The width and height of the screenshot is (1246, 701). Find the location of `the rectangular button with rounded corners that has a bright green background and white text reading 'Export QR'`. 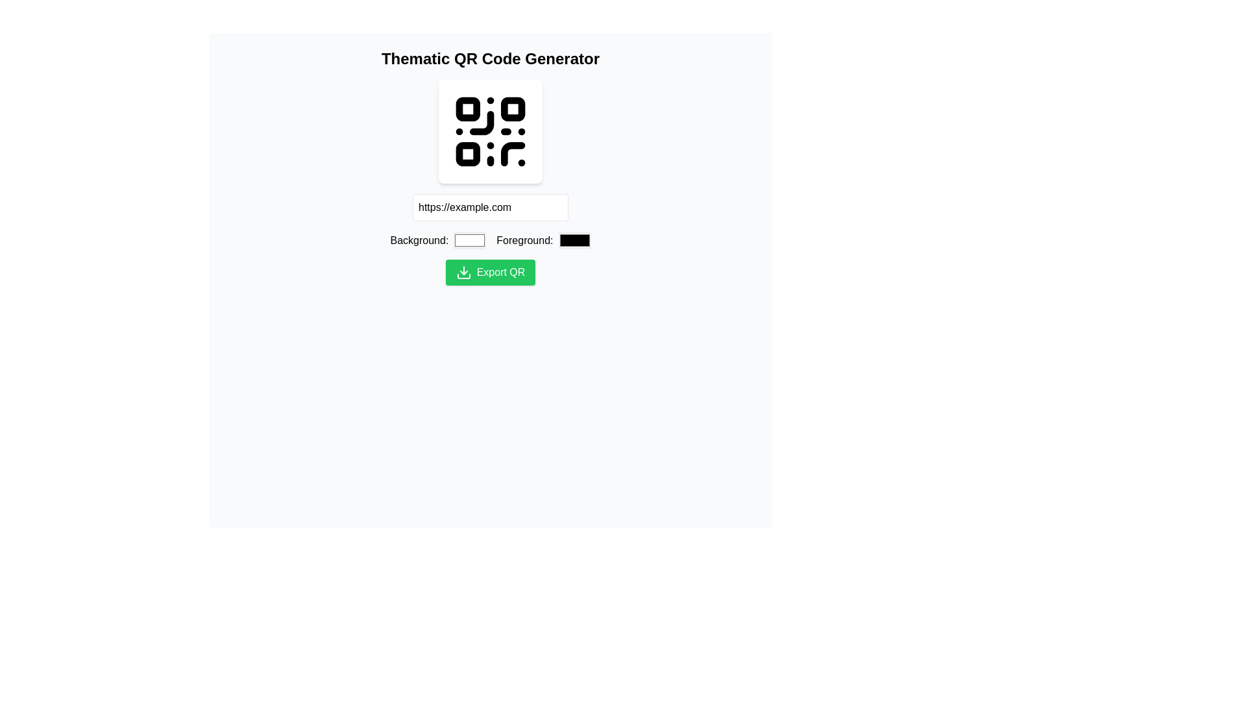

the rectangular button with rounded corners that has a bright green background and white text reading 'Export QR' is located at coordinates (489, 272).